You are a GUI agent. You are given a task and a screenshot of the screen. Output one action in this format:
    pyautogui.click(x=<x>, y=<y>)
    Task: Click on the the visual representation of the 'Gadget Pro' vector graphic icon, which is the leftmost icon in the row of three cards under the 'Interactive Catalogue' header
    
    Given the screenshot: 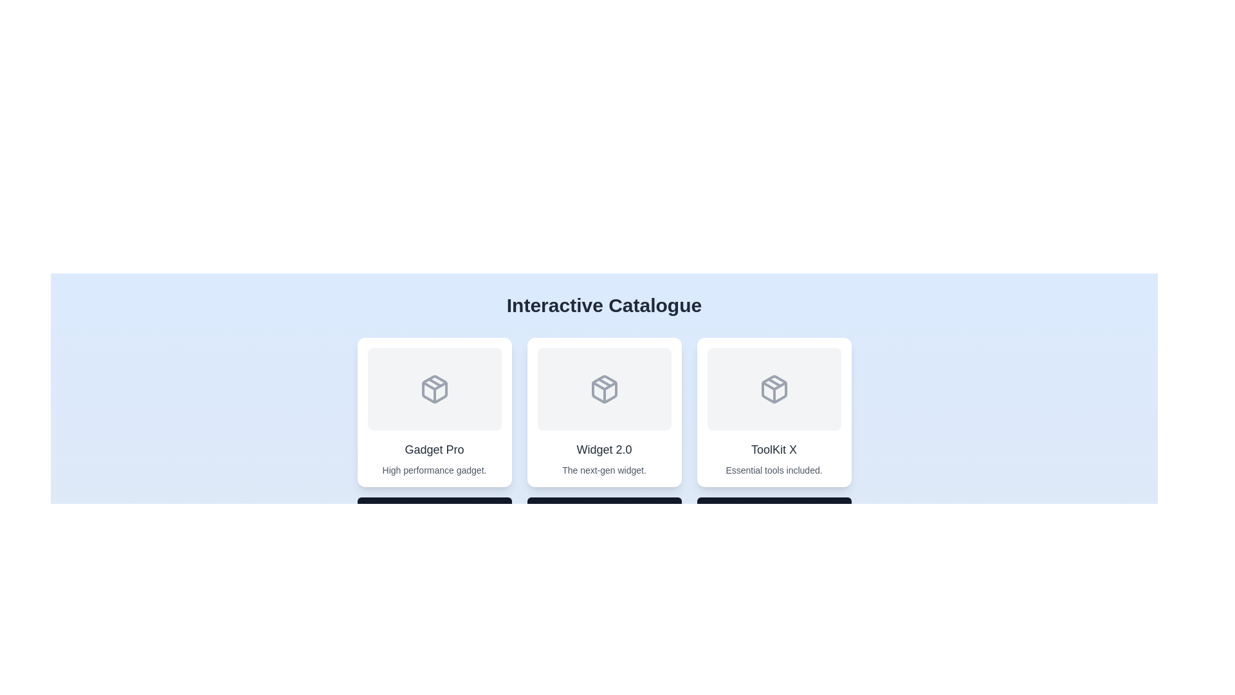 What is the action you would take?
    pyautogui.click(x=434, y=389)
    